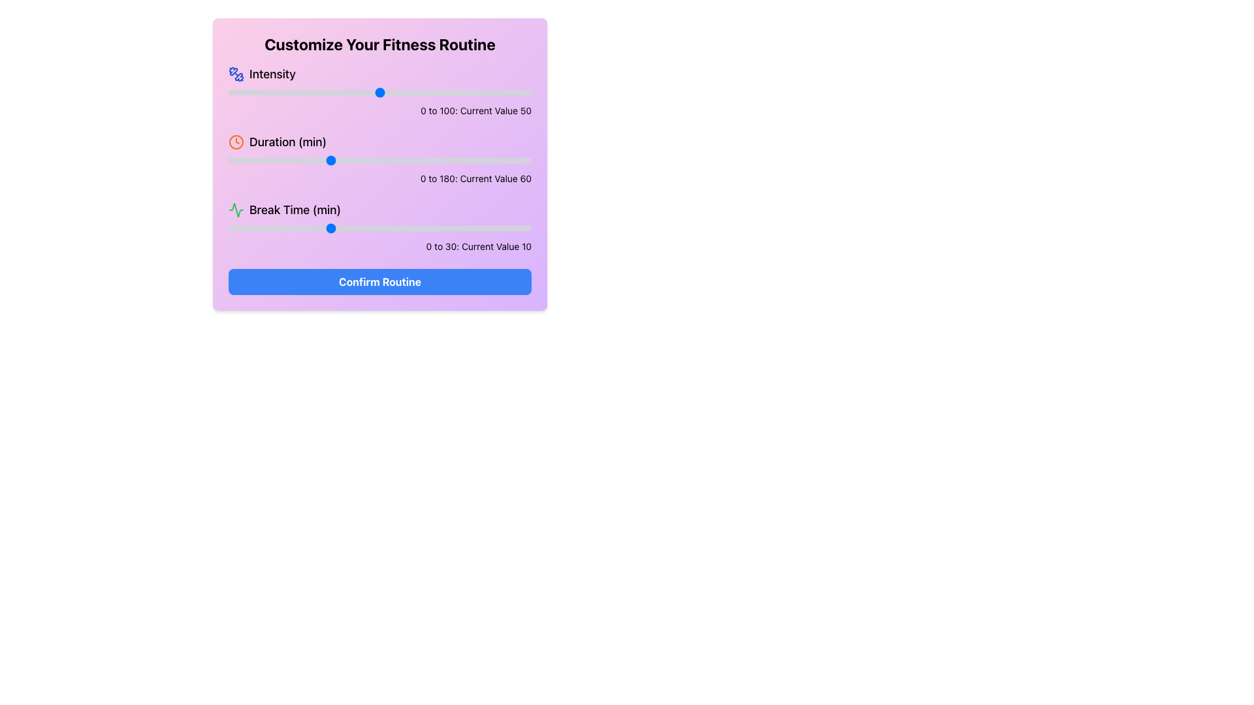 This screenshot has width=1254, height=705. What do you see at coordinates (443, 160) in the screenshot?
I see `duration` at bounding box center [443, 160].